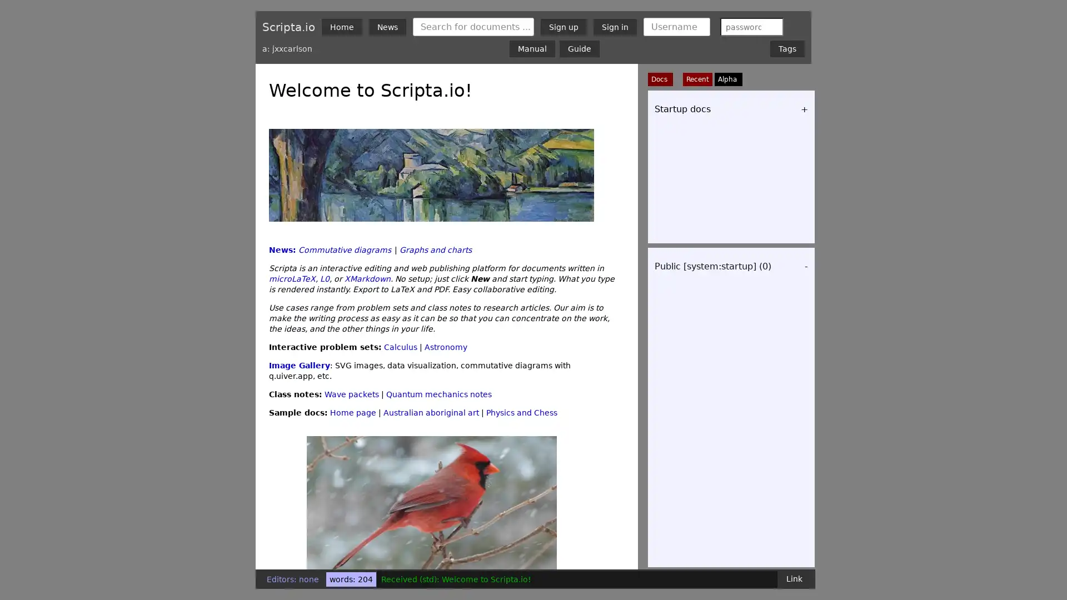 Image resolution: width=1067 pixels, height=600 pixels. What do you see at coordinates (387, 26) in the screenshot?
I see `News` at bounding box center [387, 26].